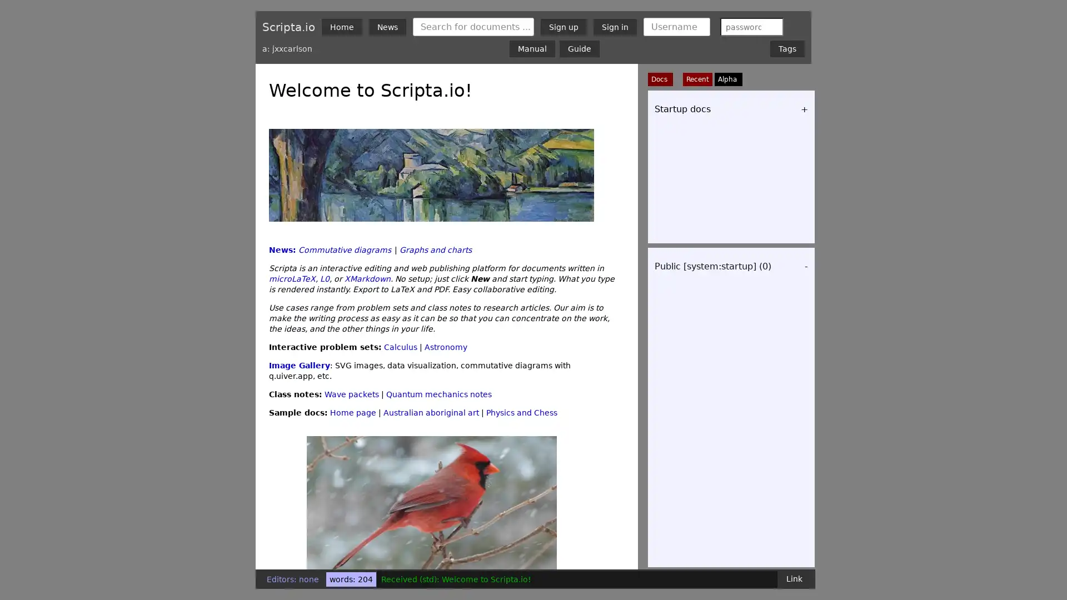 Image resolution: width=1067 pixels, height=600 pixels. What do you see at coordinates (387, 26) in the screenshot?
I see `News` at bounding box center [387, 26].